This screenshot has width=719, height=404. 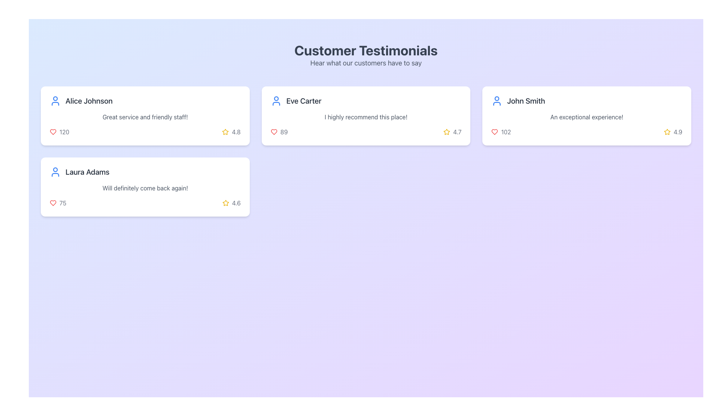 What do you see at coordinates (59, 132) in the screenshot?
I see `the heart icon indicating likes or reactions located in the first card under the title 'Alice Johnson', positioned below the user's name and testimonial message` at bounding box center [59, 132].